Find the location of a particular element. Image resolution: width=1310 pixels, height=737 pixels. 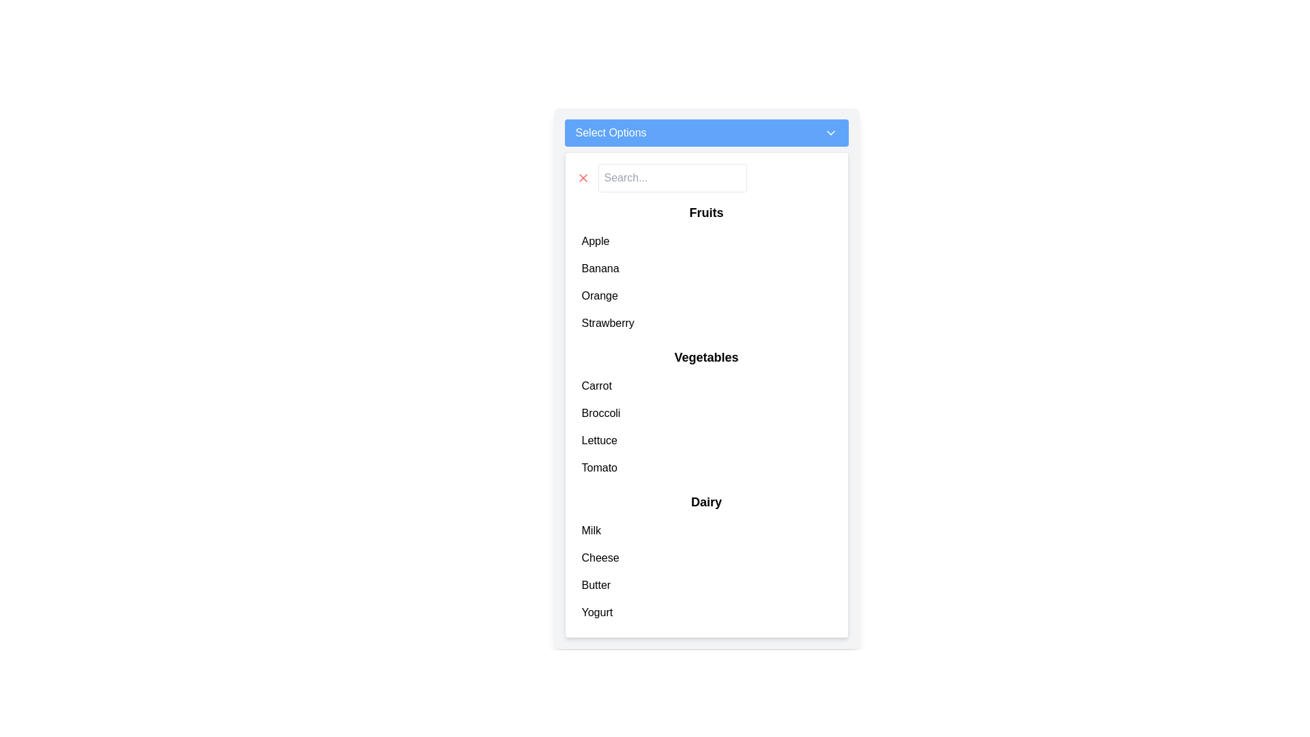

an item within the 'Vegetables' category group, which includes 'Carrot', 'Broccoli', 'Lettuce', and 'Tomato', located centrally in the dropdown interface is located at coordinates (706, 414).